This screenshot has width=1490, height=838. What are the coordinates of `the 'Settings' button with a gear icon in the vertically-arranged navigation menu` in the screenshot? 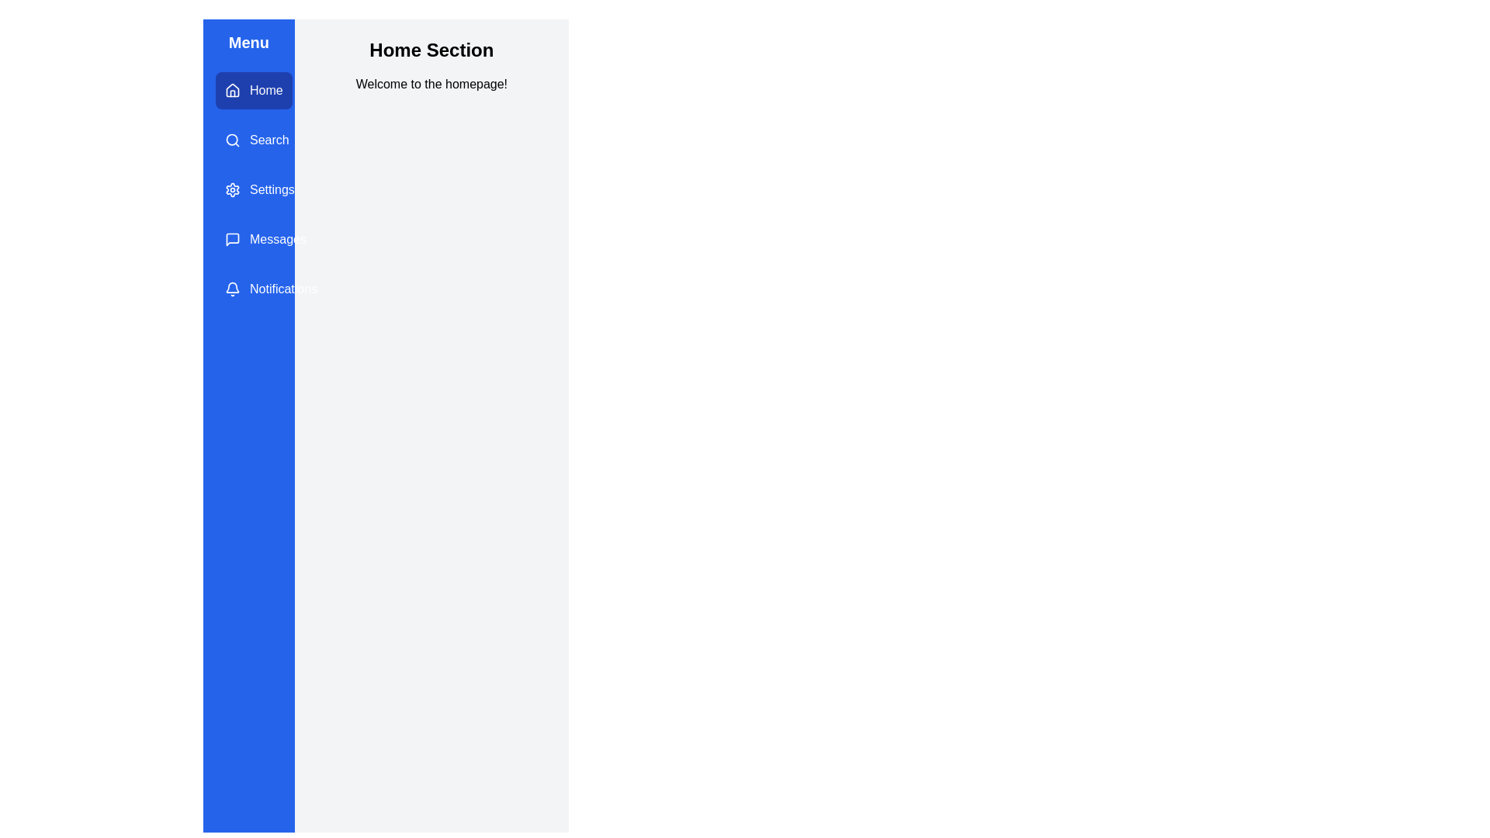 It's located at (248, 189).